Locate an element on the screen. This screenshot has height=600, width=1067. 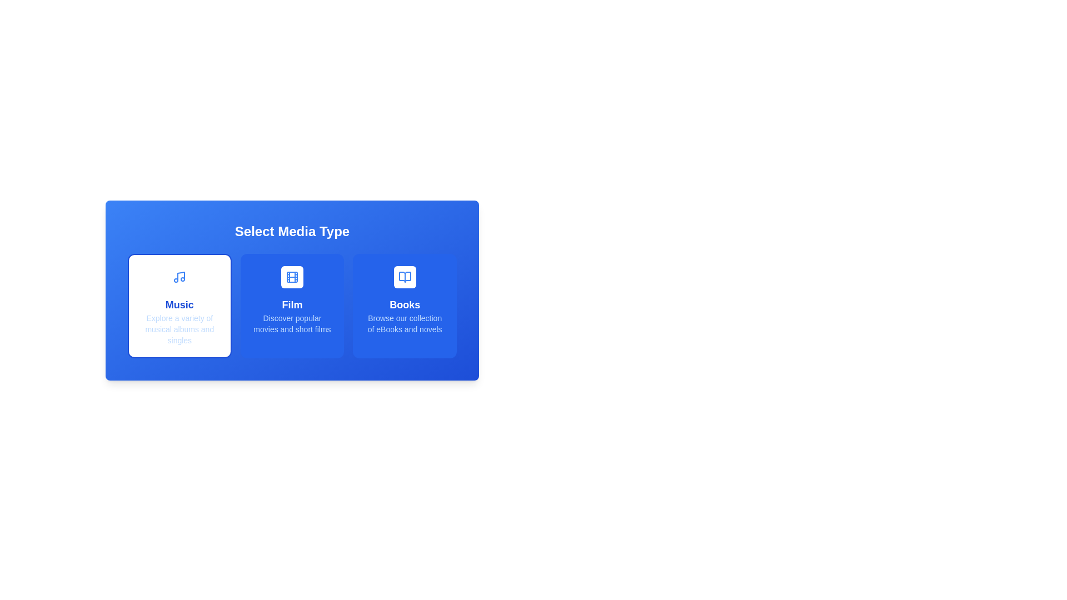
the descriptive text element located within the 'Books' card, which provides additional context about the 'Books' category is located at coordinates (404, 323).